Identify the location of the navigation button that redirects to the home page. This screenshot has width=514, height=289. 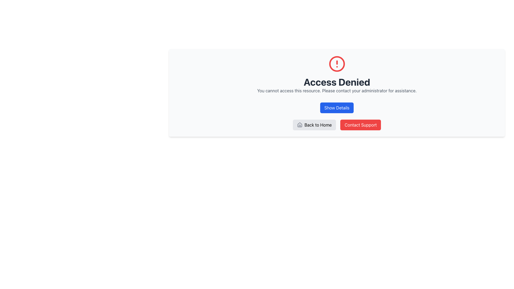
(314, 125).